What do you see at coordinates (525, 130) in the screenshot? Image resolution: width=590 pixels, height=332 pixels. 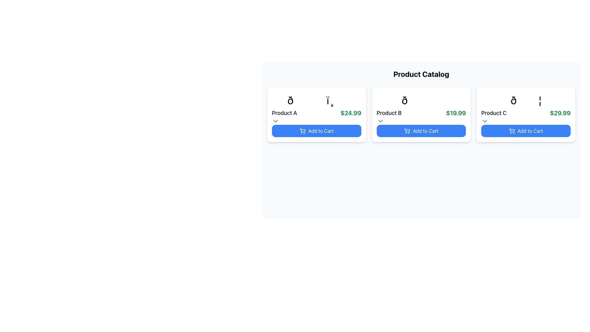 I see `the button located at the bottom-center of the card for 'Product C'` at bounding box center [525, 130].